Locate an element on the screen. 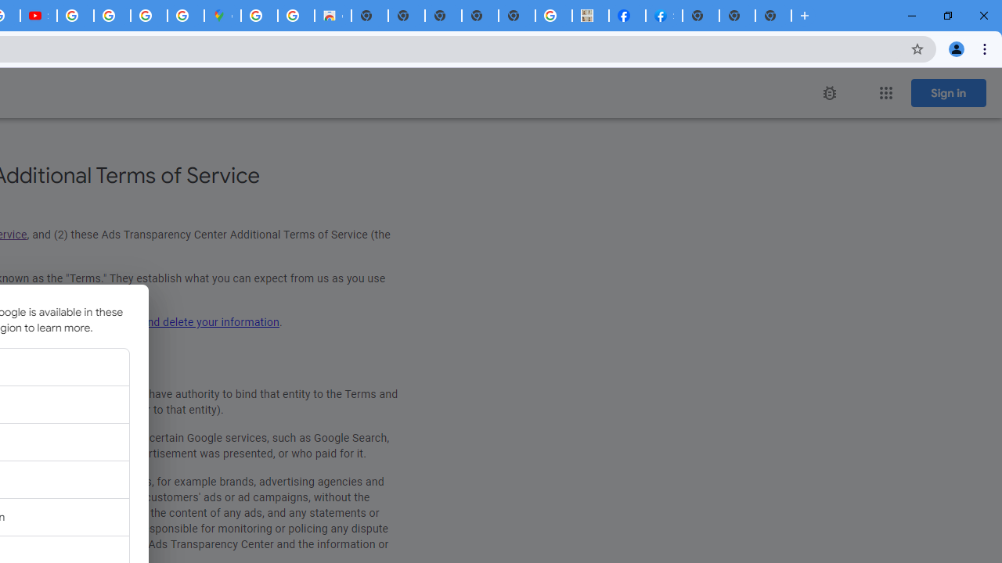 The image size is (1002, 563). 'Google Maps' is located at coordinates (222, 16).